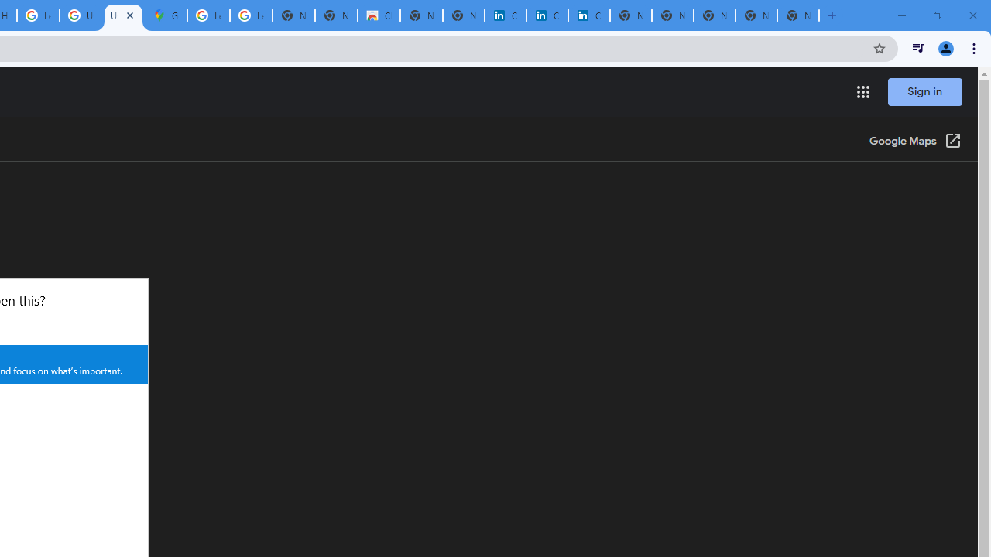 This screenshot has height=557, width=991. I want to click on 'Google Maps (Open in a new window)', so click(915, 142).